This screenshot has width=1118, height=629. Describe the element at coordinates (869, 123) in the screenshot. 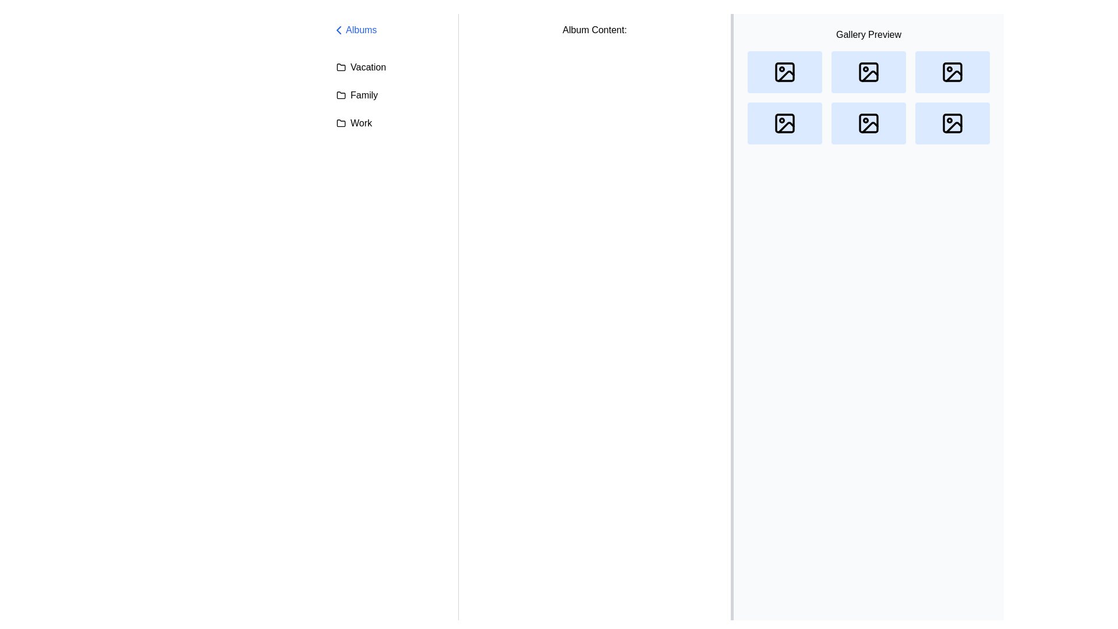

I see `the image placeholder located in the second row and second column of the 3x3 grid layout within the 'Gallery Preview' section` at that location.